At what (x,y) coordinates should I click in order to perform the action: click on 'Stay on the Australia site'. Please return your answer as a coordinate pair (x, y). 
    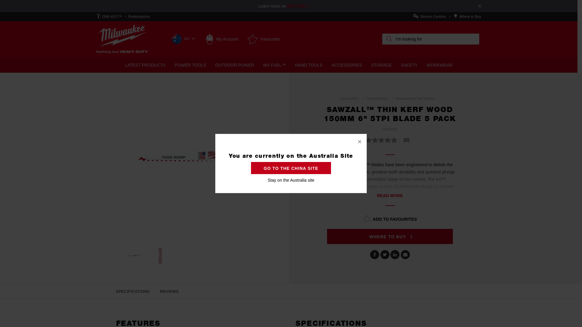
    Looking at the image, I should click on (291, 180).